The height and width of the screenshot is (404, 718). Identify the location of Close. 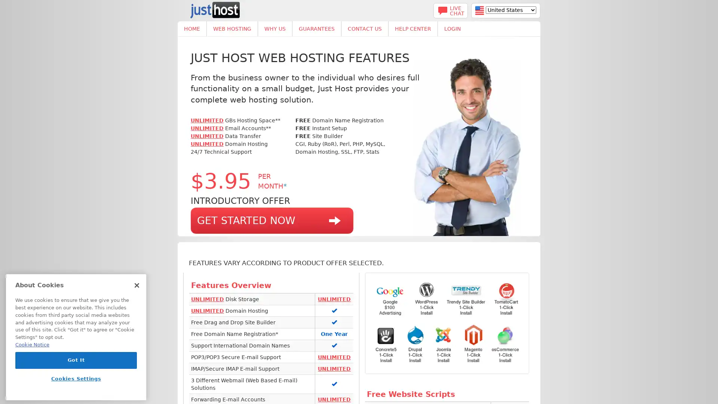
(136, 285).